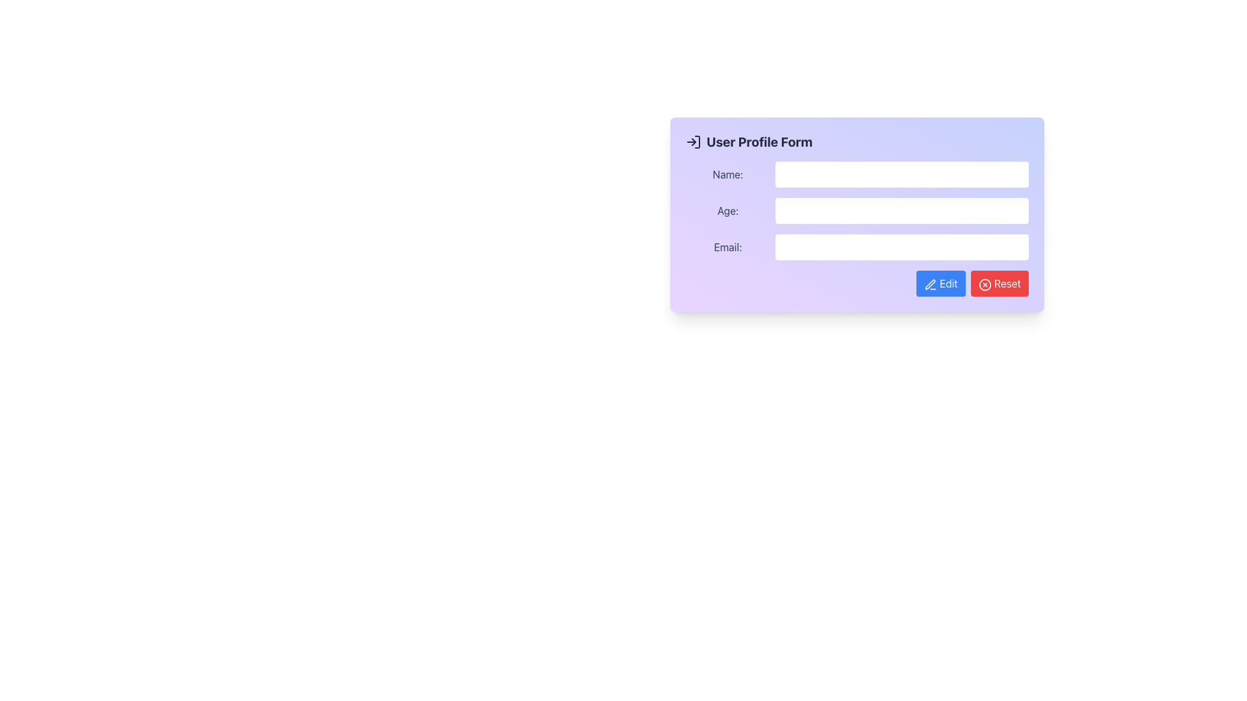  Describe the element at coordinates (985, 284) in the screenshot. I see `the Decorative Icon located to the left of the 'Reset' text within the red 'Reset' button at the bottom right of the 'User Profile Form' card` at that location.